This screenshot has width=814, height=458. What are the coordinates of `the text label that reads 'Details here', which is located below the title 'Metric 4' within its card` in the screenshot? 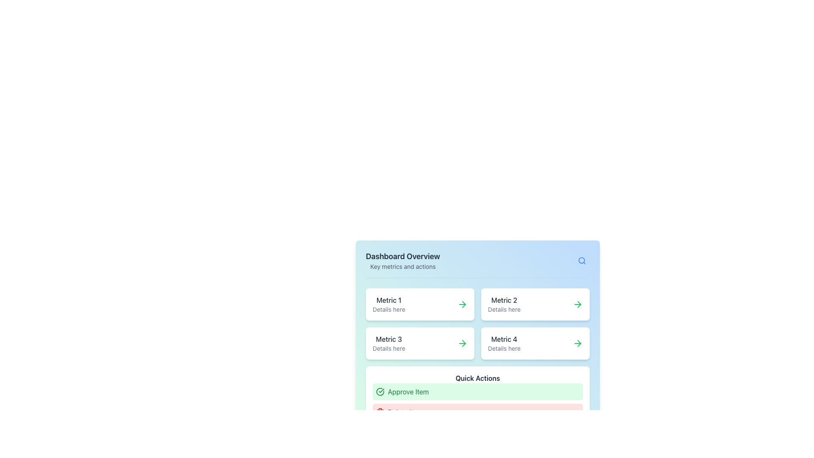 It's located at (504, 348).